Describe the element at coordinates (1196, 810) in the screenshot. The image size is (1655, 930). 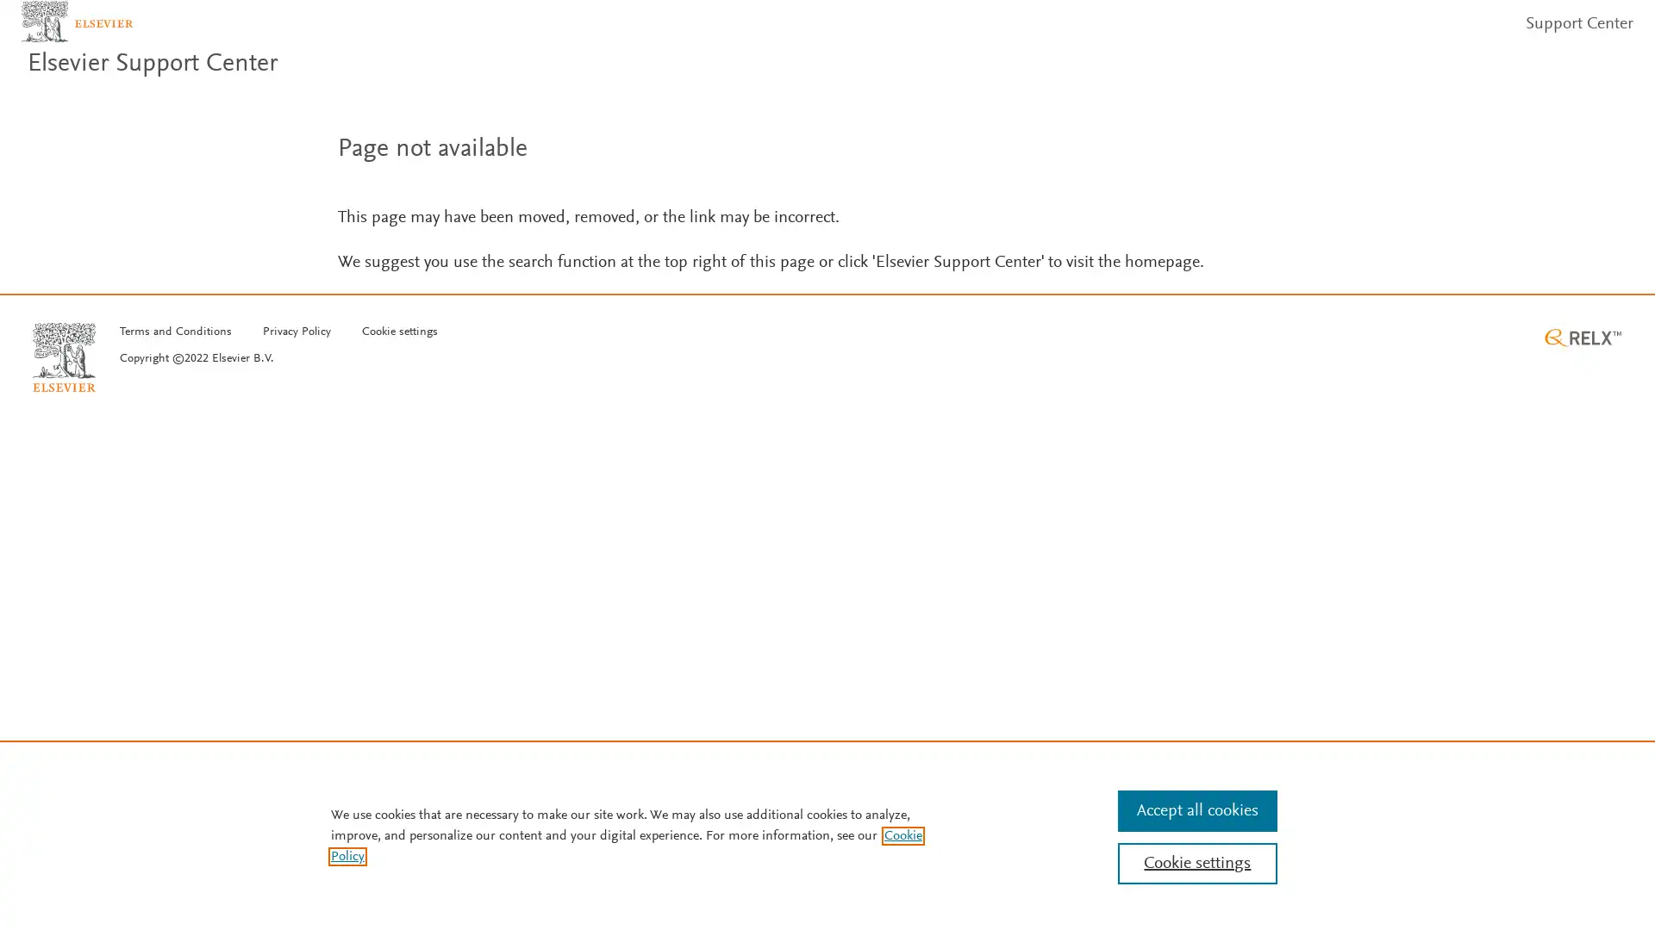
I see `Accept all cookies` at that location.